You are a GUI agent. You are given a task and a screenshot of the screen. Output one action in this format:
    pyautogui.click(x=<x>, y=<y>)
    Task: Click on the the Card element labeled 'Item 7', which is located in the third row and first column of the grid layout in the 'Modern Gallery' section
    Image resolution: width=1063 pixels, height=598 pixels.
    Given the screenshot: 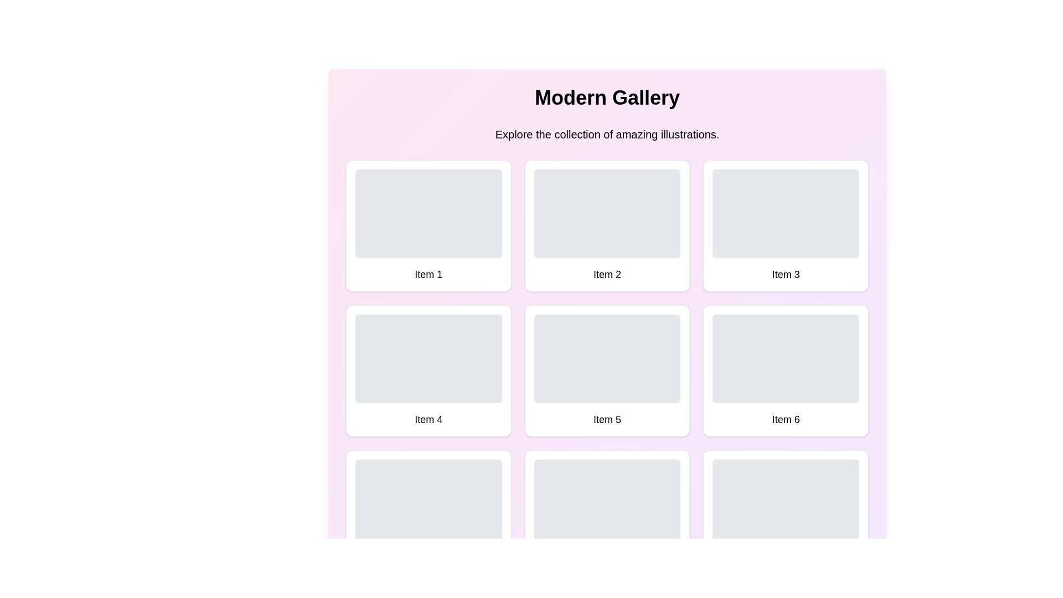 What is the action you would take?
    pyautogui.click(x=428, y=516)
    